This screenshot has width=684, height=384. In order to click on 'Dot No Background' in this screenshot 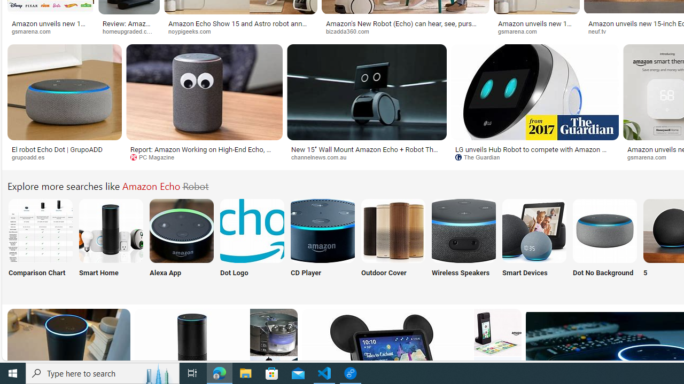, I will do `click(605, 244)`.